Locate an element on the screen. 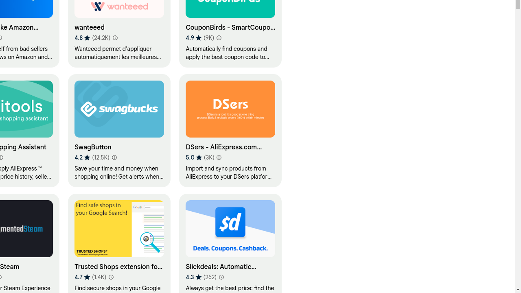  'Learn more about results and reviews "CouponBirds - SmartCoupon Coupon Finder"' is located at coordinates (219, 38).